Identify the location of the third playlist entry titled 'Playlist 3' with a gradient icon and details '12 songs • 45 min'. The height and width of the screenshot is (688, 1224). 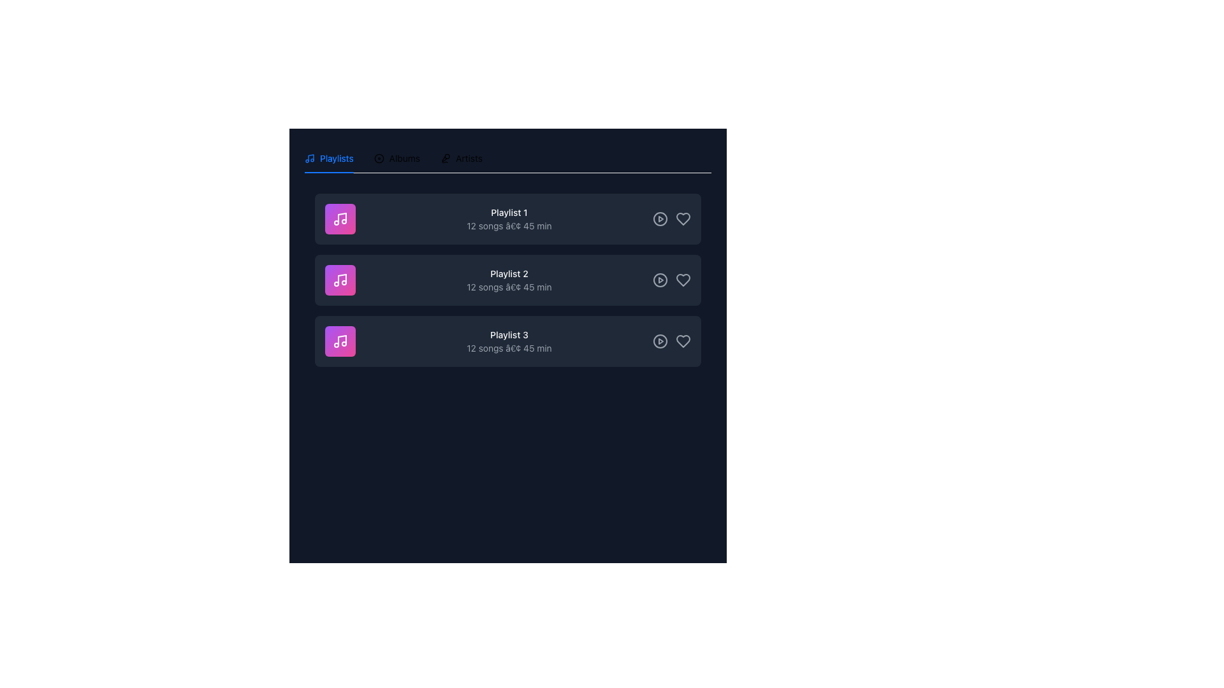
(507, 341).